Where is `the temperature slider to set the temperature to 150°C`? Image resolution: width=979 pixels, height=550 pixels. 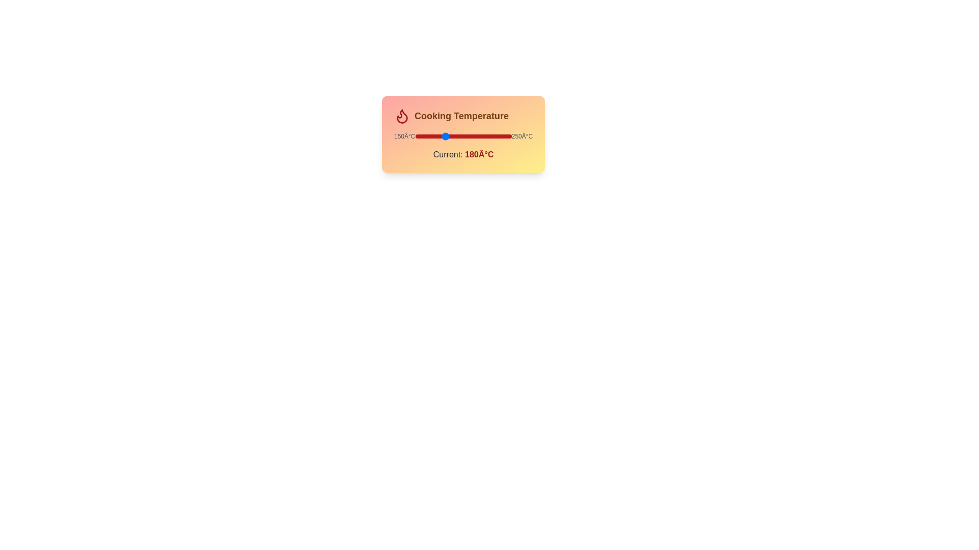
the temperature slider to set the temperature to 150°C is located at coordinates (415, 135).